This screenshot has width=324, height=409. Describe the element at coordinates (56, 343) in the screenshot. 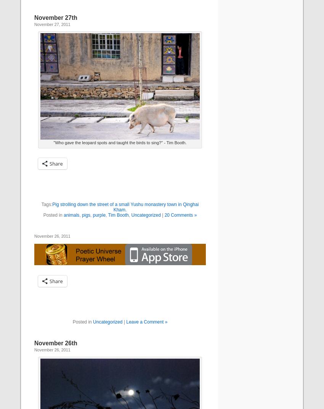

I see `'November 26th'` at that location.